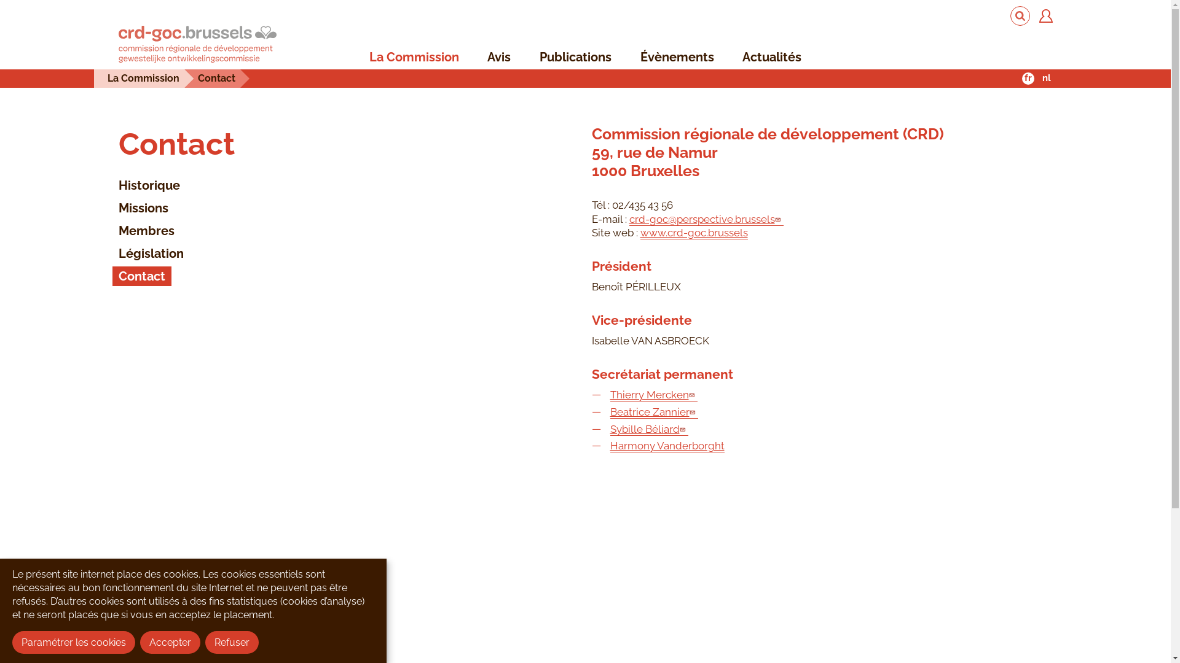 This screenshot has width=1180, height=663. I want to click on 'Accueil', so click(197, 45).